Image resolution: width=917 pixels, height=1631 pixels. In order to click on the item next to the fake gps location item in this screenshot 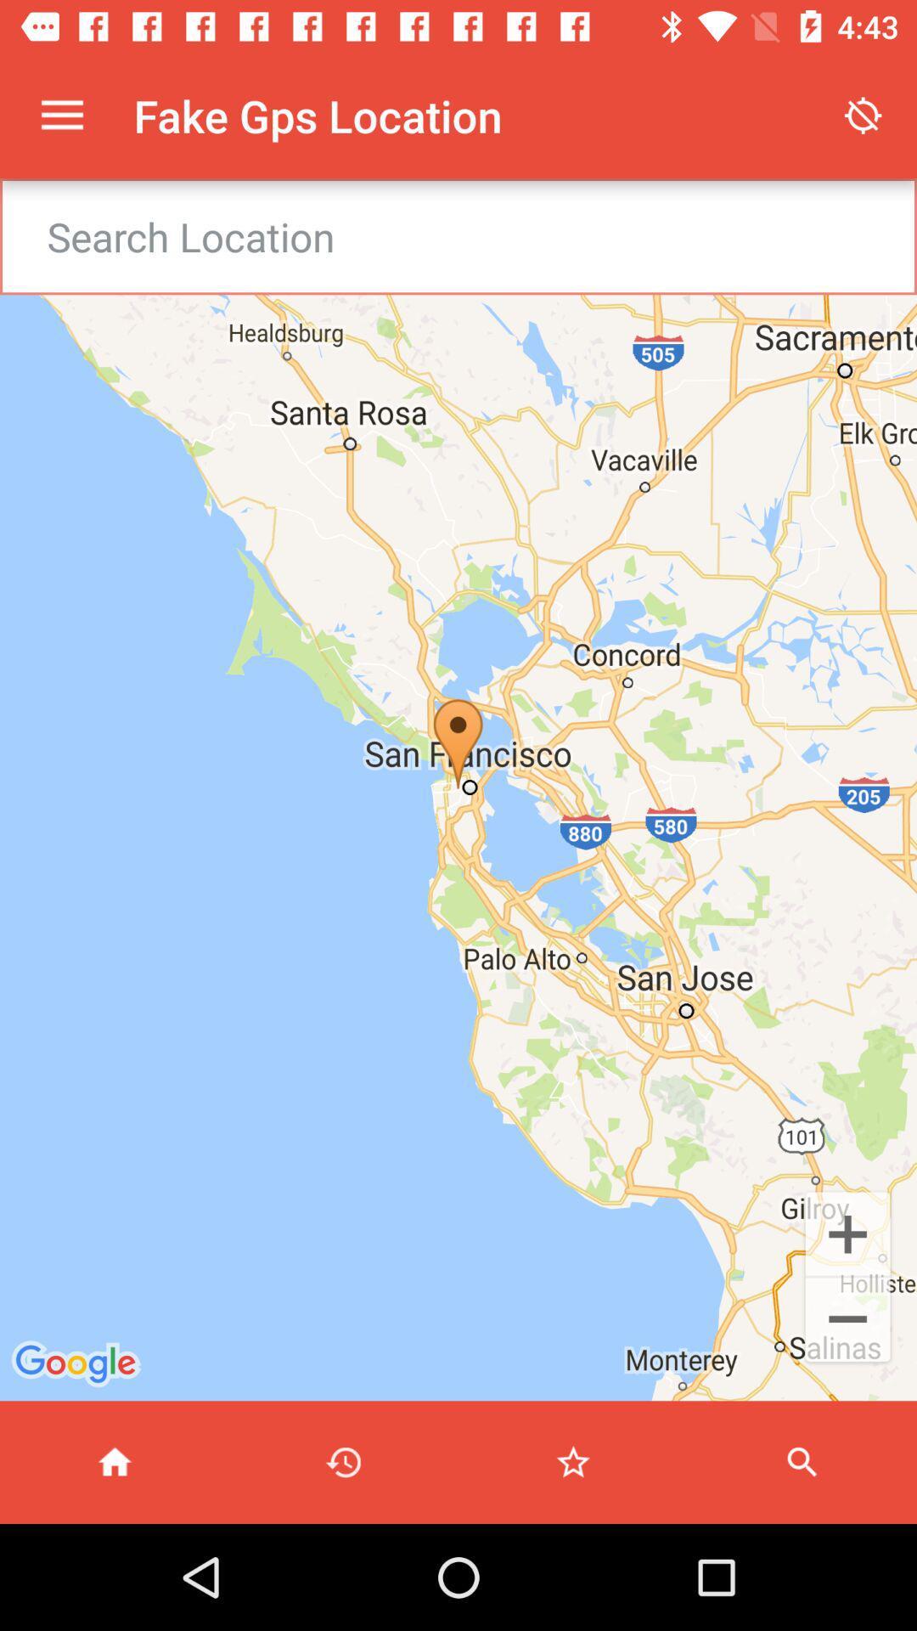, I will do `click(864, 115)`.